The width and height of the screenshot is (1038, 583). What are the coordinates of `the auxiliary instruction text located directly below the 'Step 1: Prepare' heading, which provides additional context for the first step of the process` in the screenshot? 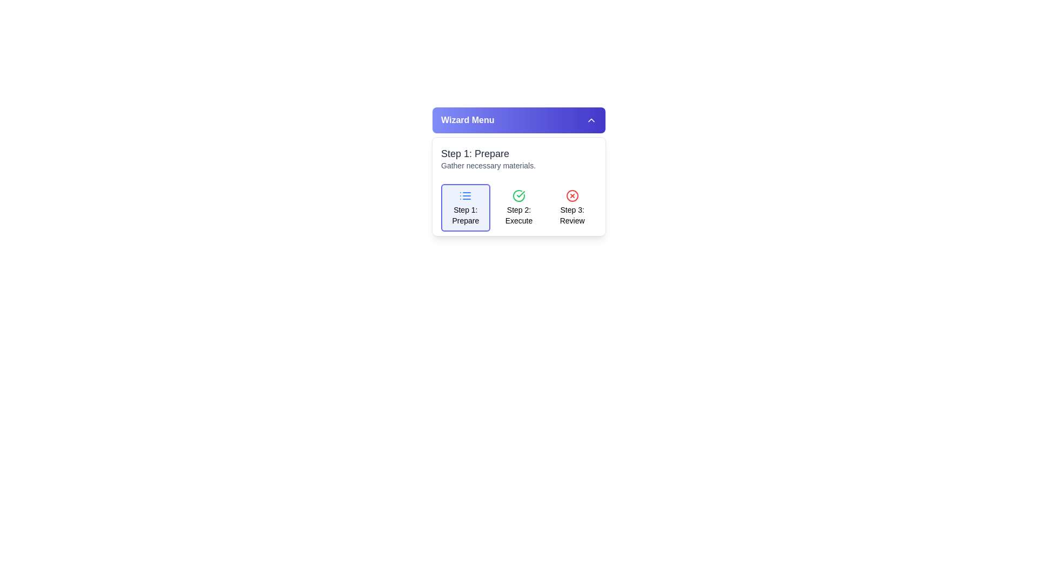 It's located at (519, 166).